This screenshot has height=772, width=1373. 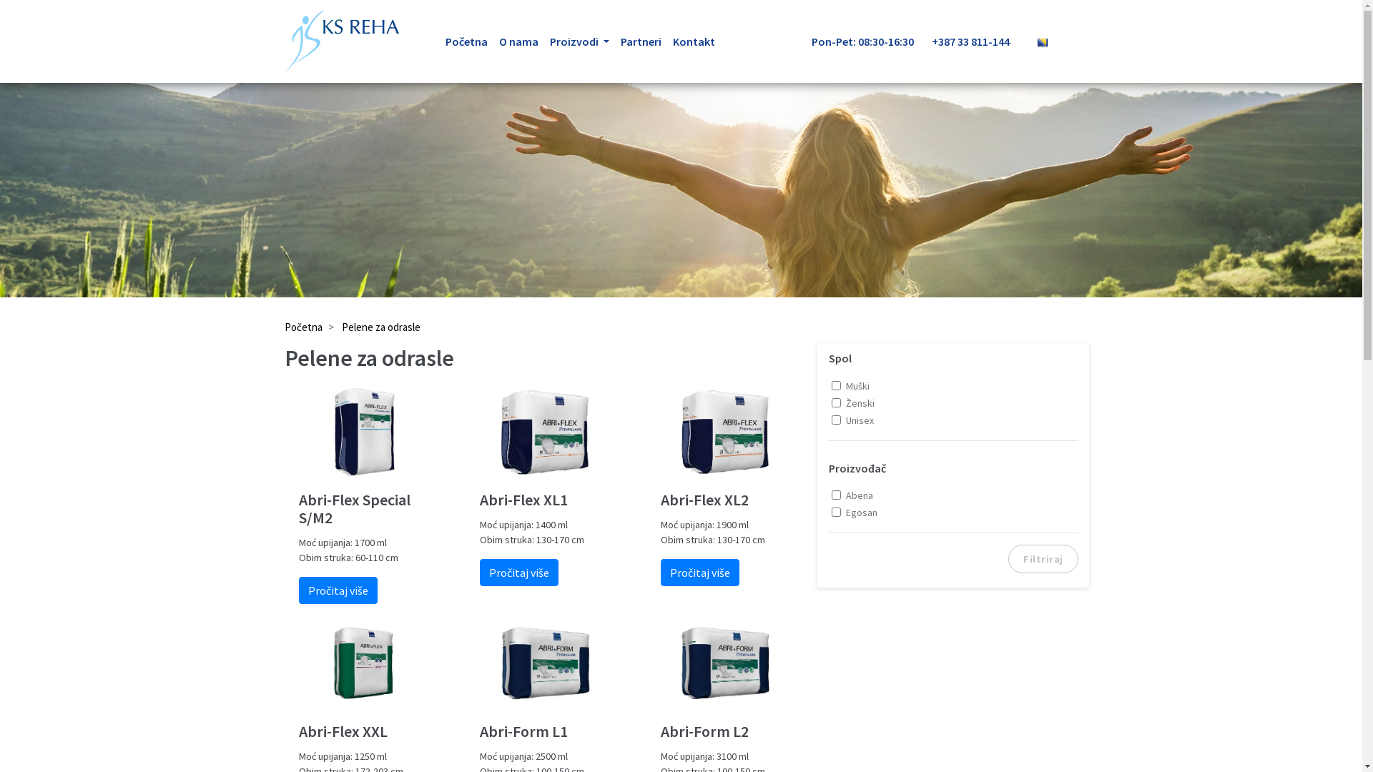 I want to click on 'O nama', so click(x=518, y=40).